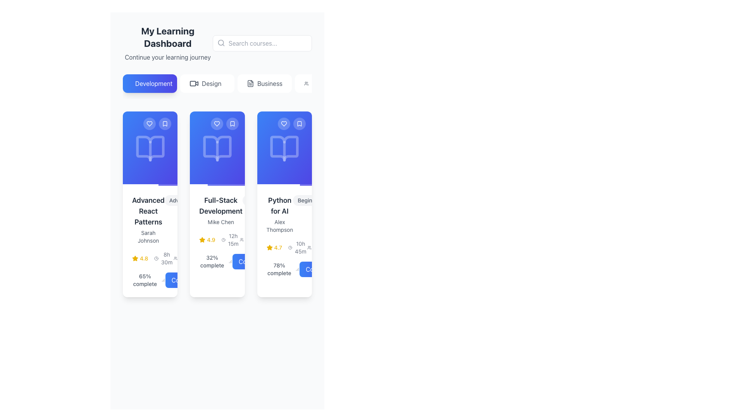 The width and height of the screenshot is (744, 418). I want to click on text value '4.9' from the Rating indicator which is a star icon followed by the numeric rating in yellow, located within the 'Full-Stack Development' card directly below the course title, so click(207, 240).